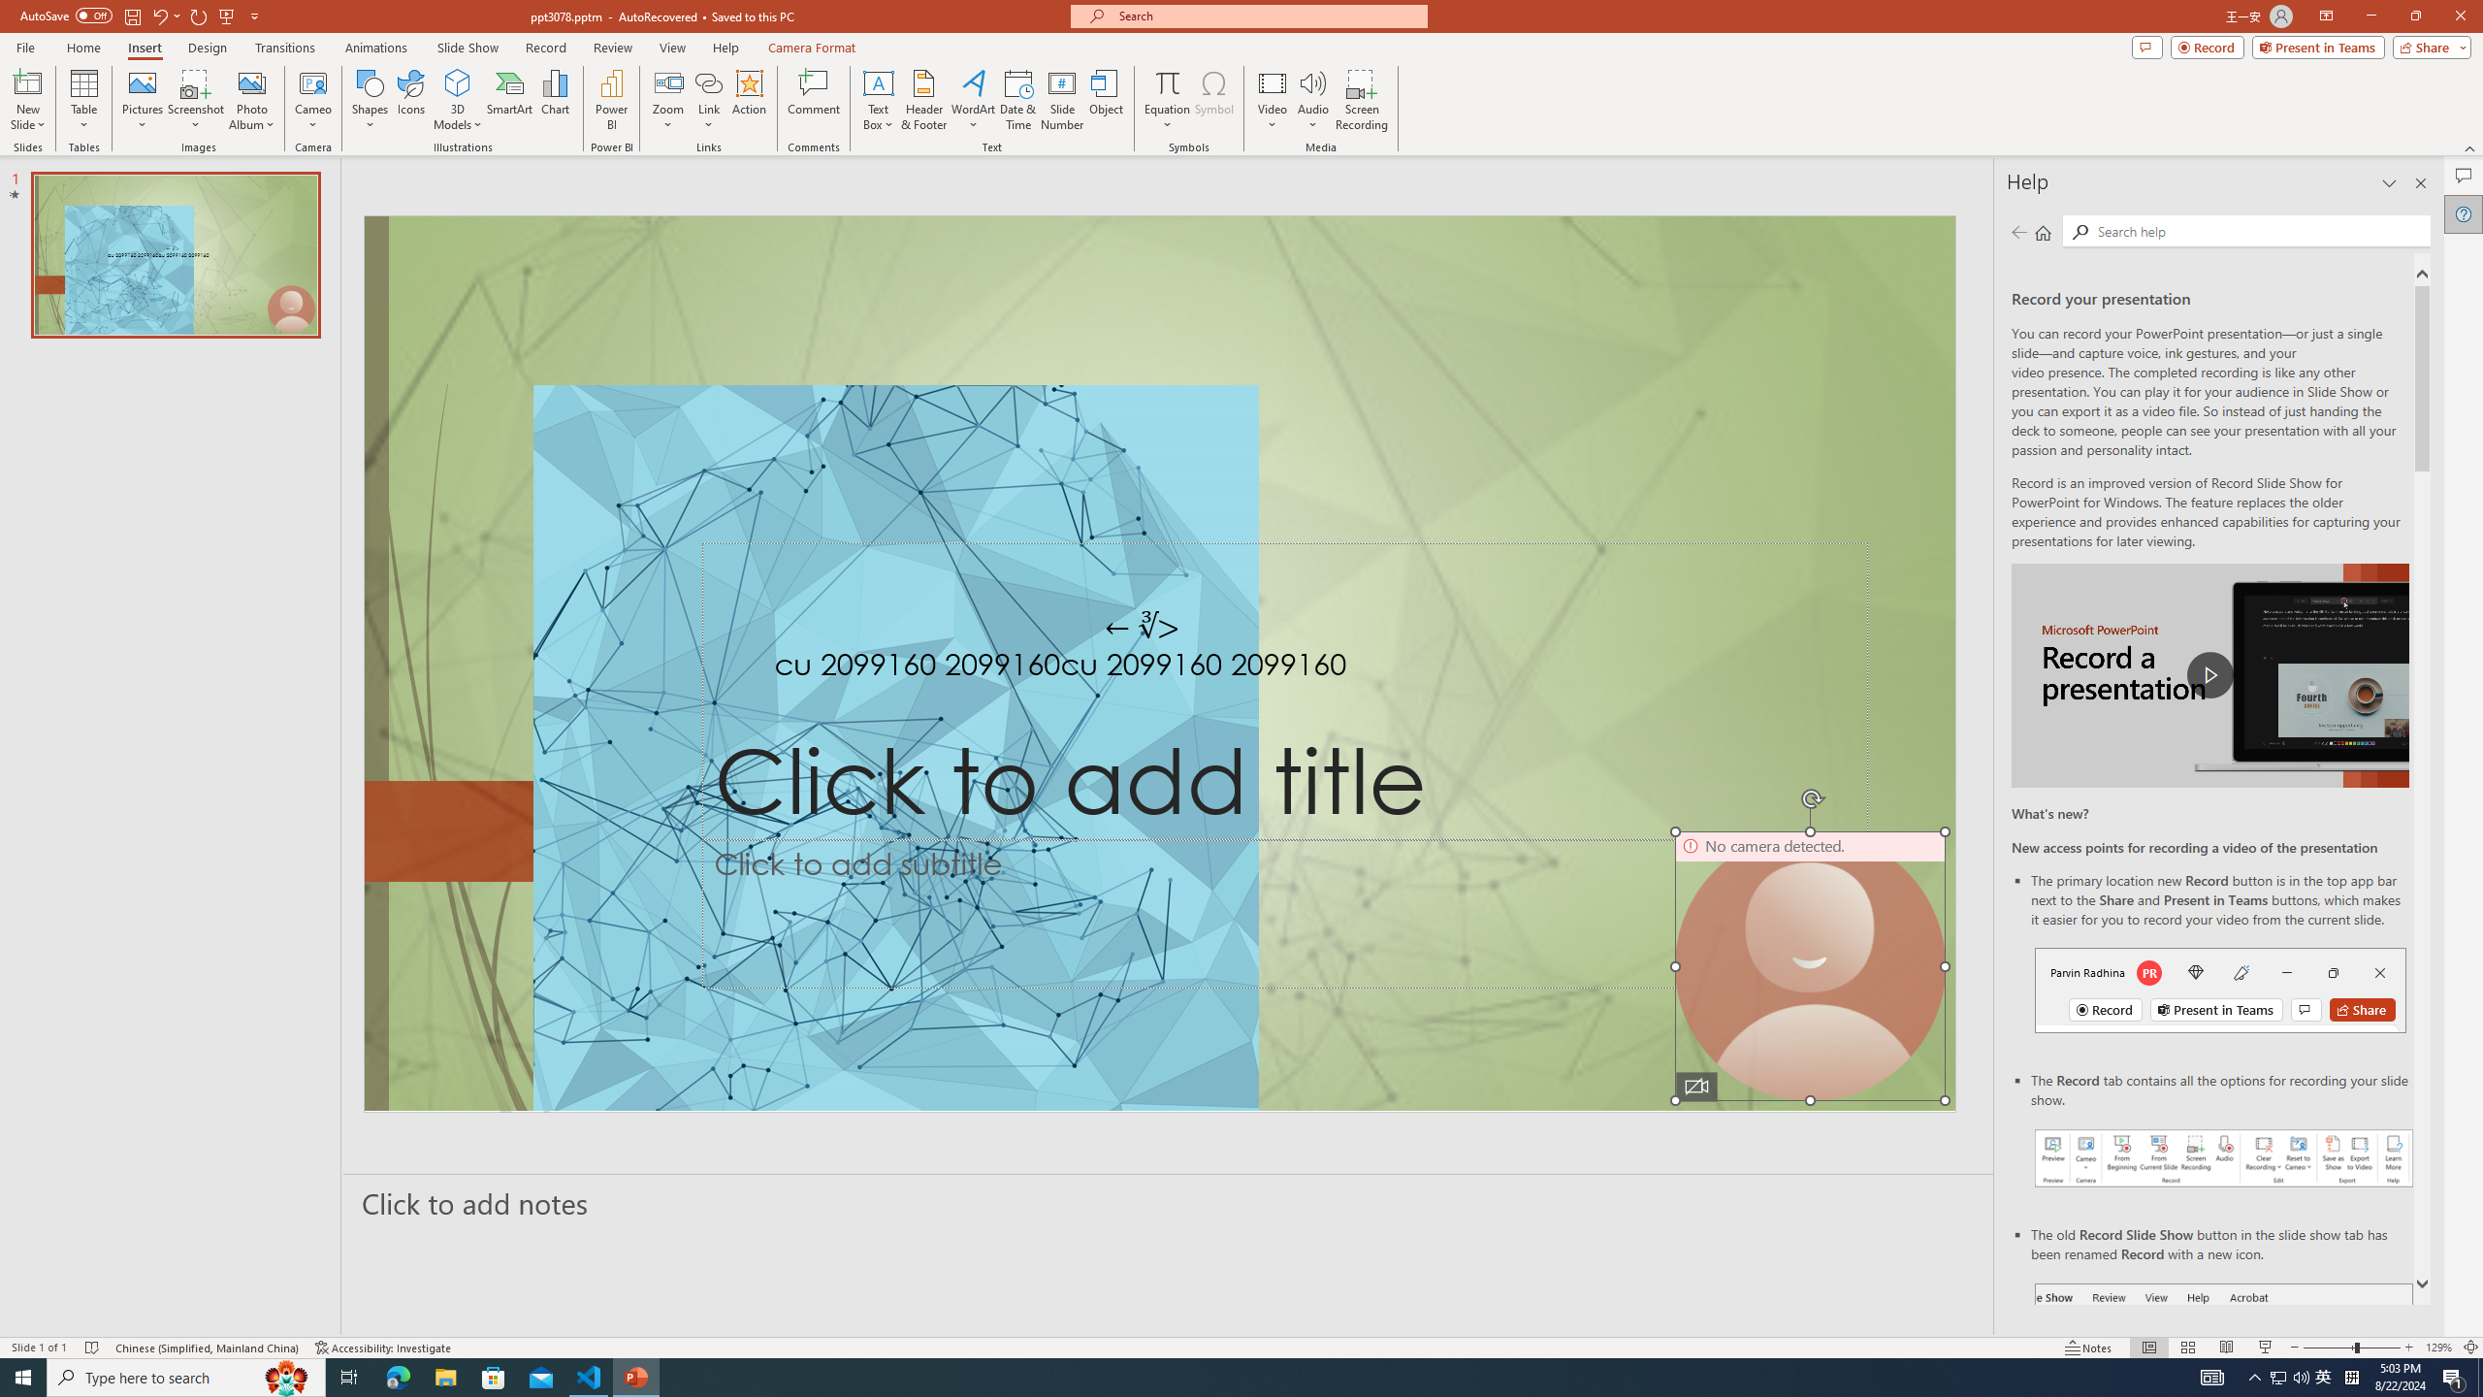 This screenshot has width=2483, height=1397. Describe the element at coordinates (707, 100) in the screenshot. I see `'Link'` at that location.